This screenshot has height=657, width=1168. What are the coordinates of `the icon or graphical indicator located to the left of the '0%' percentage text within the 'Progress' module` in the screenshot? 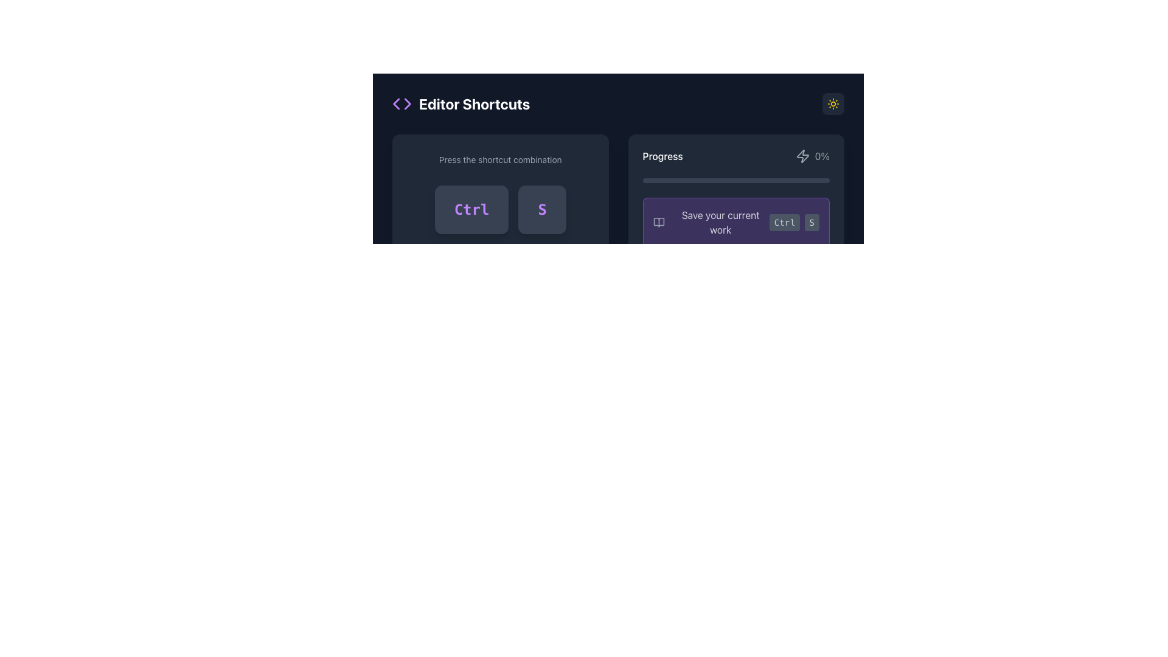 It's located at (802, 156).